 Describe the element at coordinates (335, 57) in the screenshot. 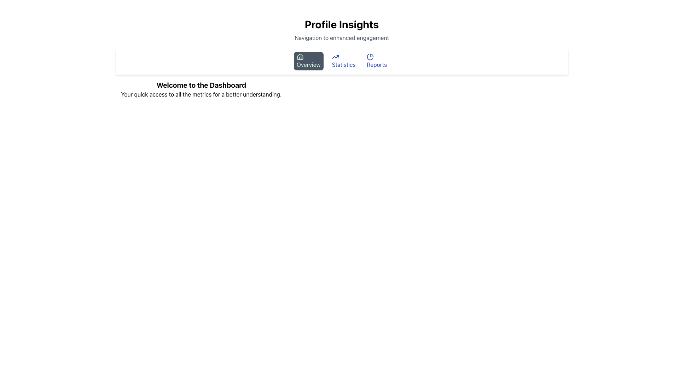

I see `the trending upward graph icon located within the 'Statistics' button in the navigation section, positioned between 'Overview' and 'Reports'` at that location.